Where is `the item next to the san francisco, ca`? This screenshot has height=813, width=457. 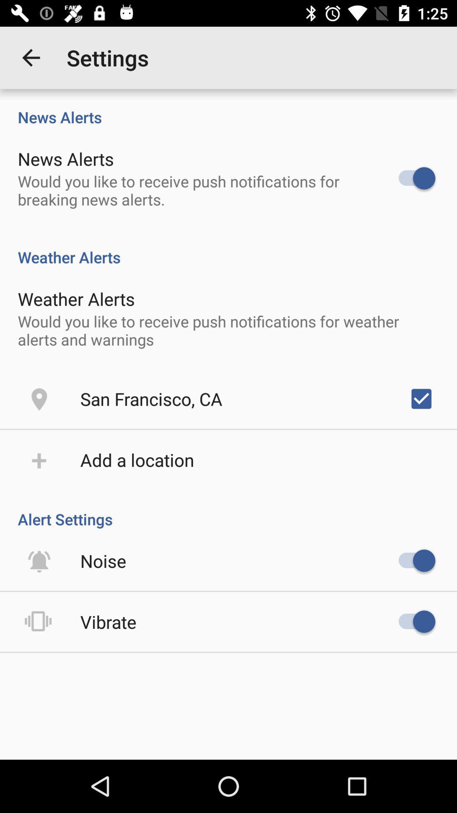 the item next to the san francisco, ca is located at coordinates (421, 398).